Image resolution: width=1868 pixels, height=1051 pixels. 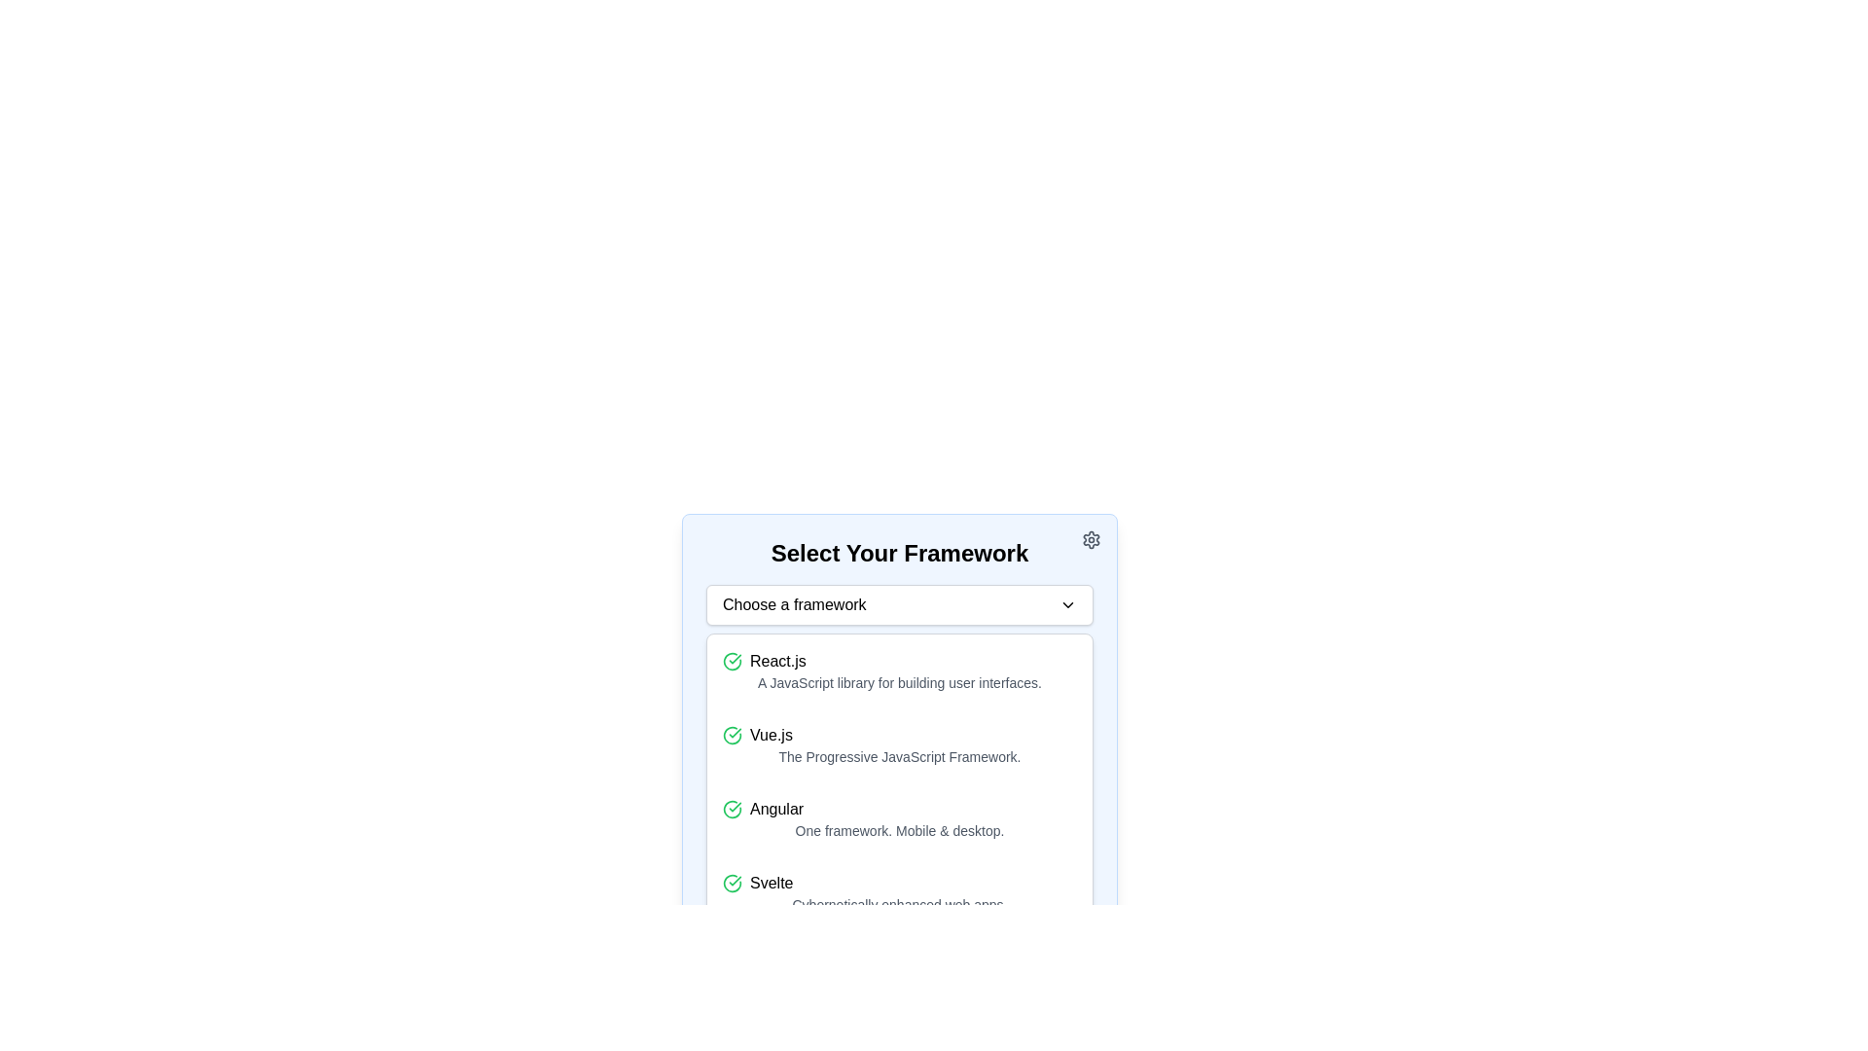 What do you see at coordinates (899, 893) in the screenshot?
I see `the list item titled 'Svelte' with a description 'Cybernetically enhanced web apps.' which is the fourth item in the list and features a green check circle icon on the left` at bounding box center [899, 893].